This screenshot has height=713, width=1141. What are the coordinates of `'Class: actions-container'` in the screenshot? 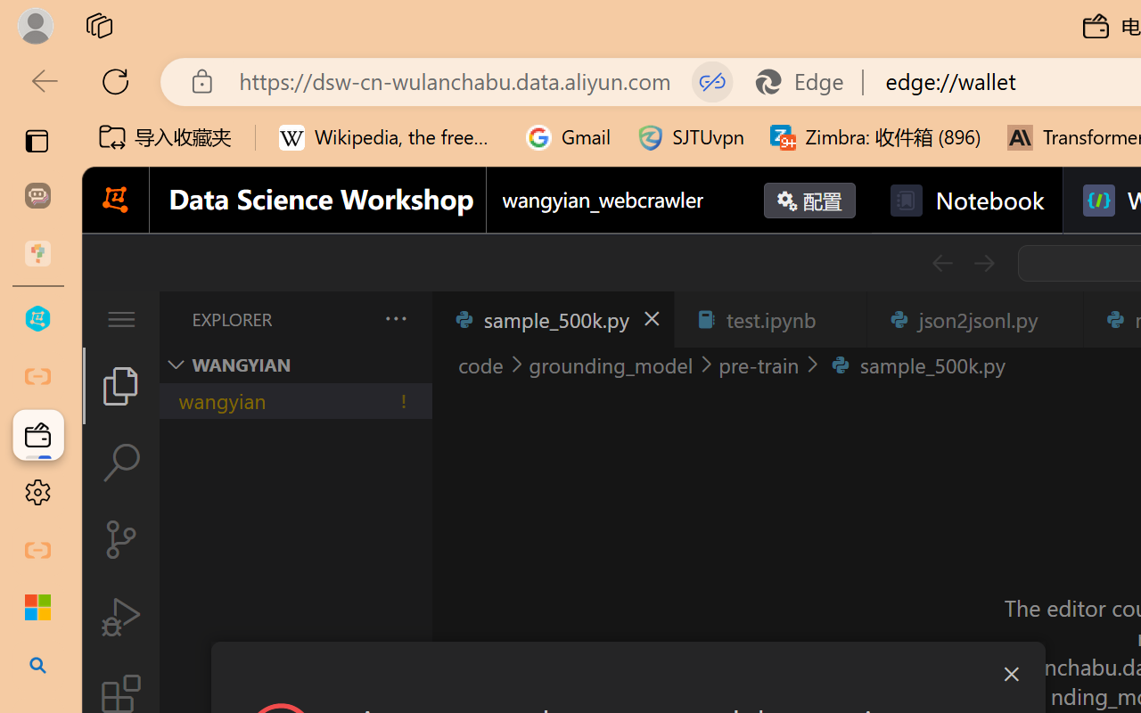 It's located at (628, 674).